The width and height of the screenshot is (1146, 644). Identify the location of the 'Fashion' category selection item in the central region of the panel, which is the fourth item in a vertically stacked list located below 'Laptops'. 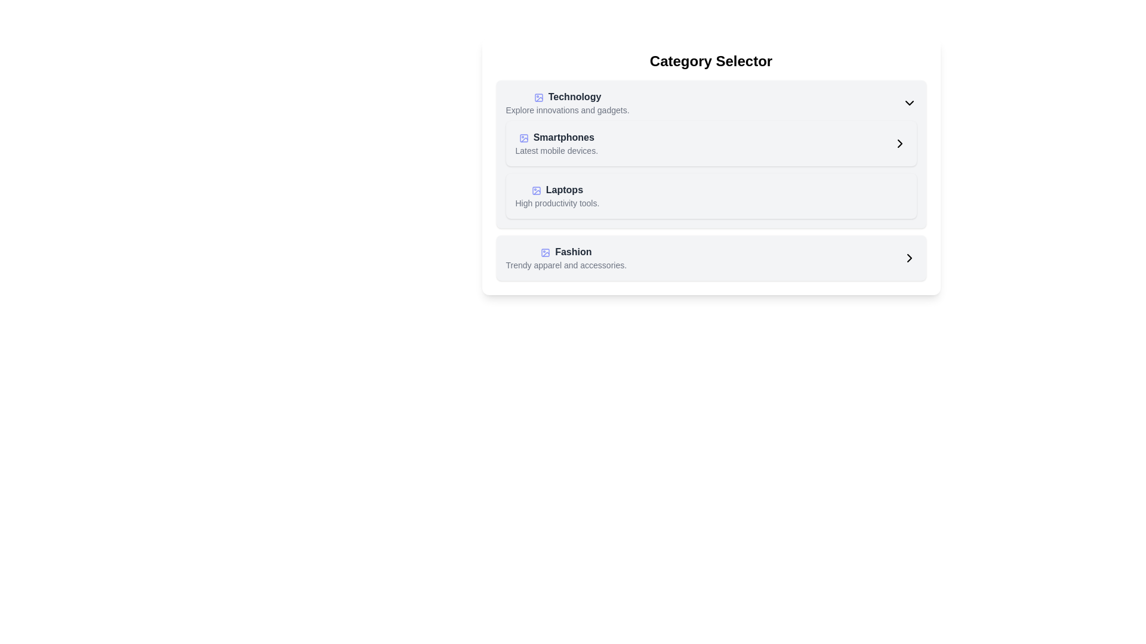
(565, 257).